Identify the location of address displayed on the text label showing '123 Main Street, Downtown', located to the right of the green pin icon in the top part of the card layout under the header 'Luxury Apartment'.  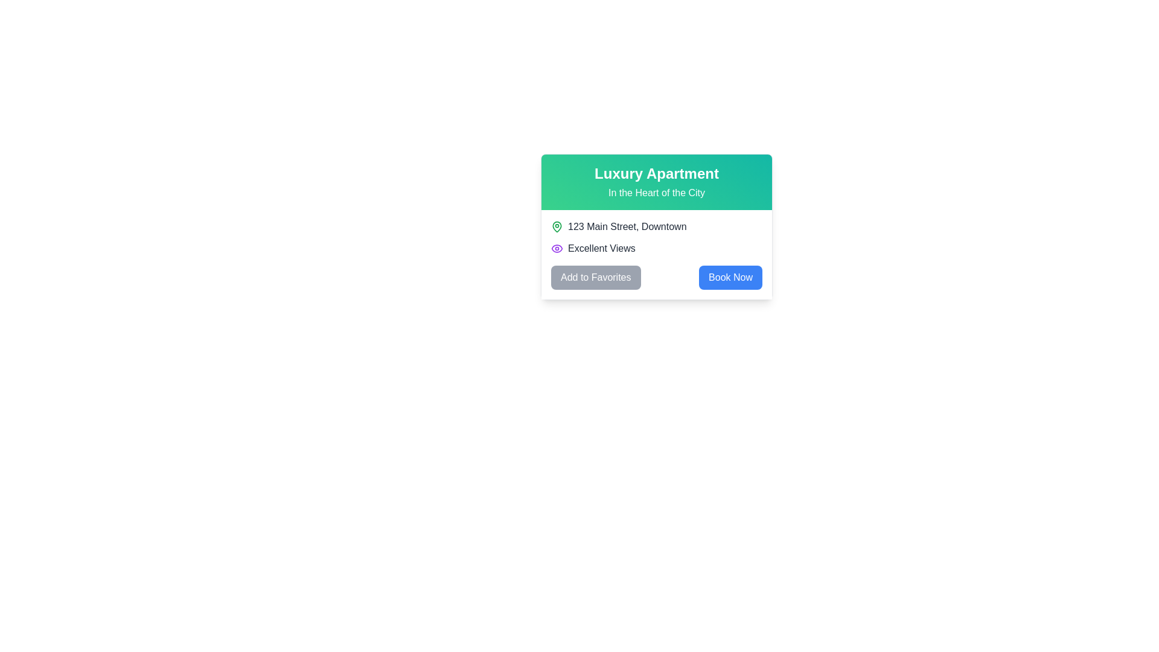
(627, 226).